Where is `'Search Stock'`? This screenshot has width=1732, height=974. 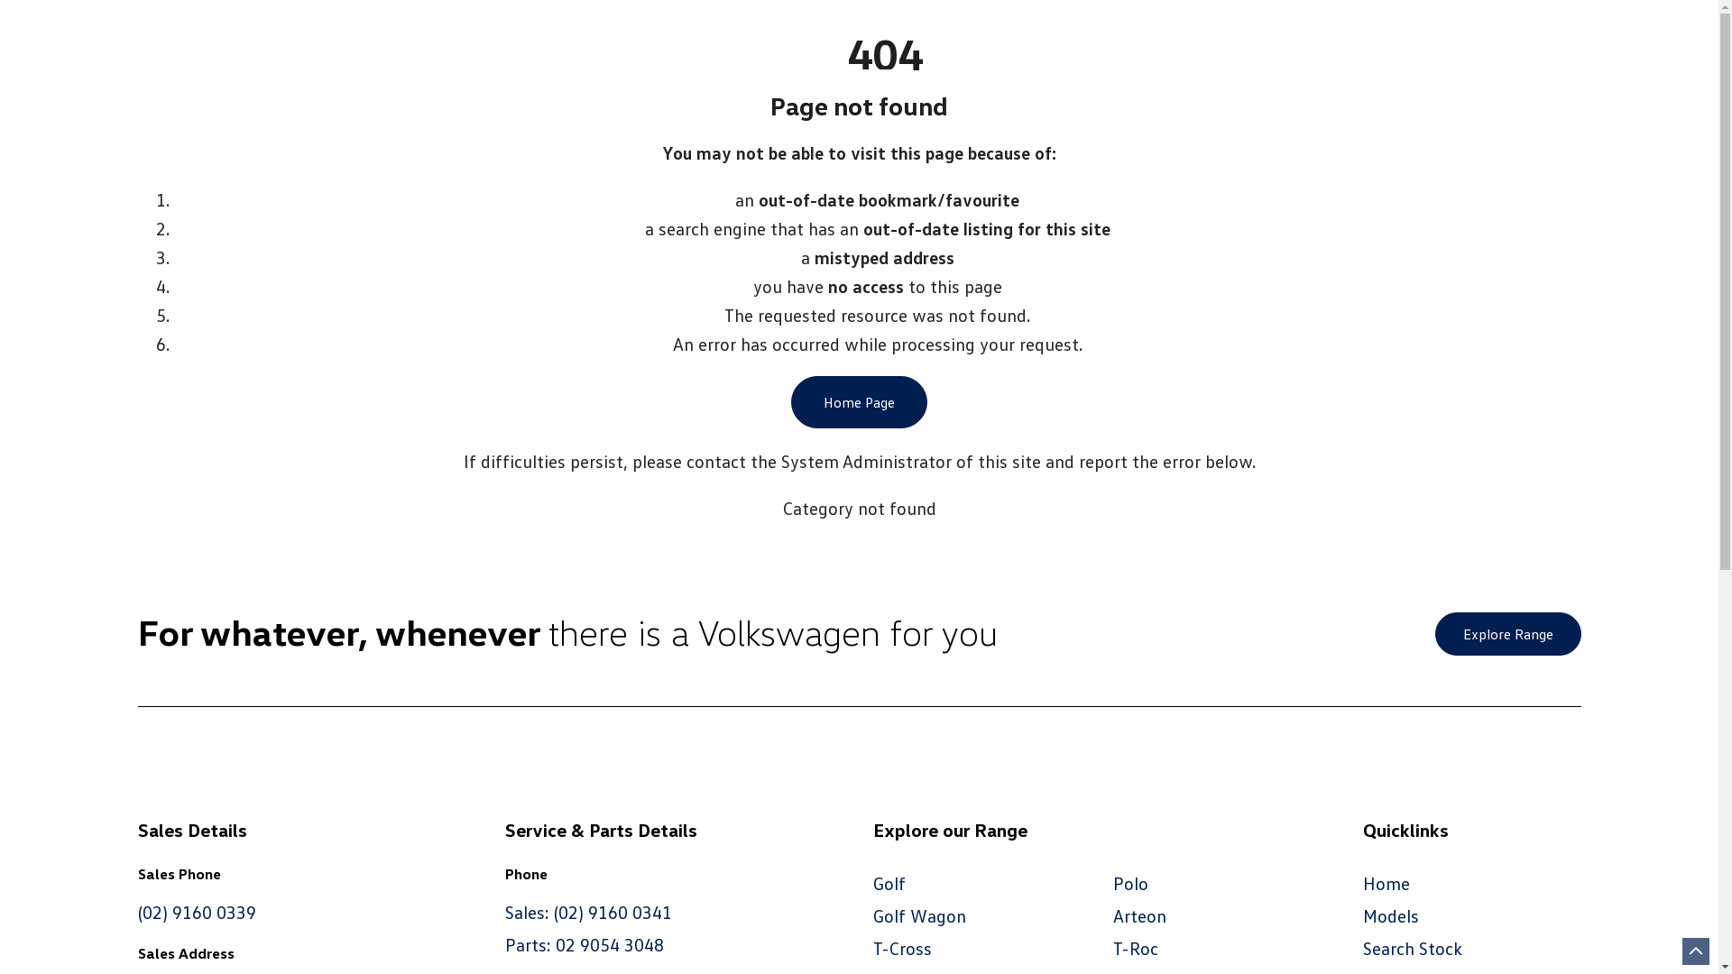
'Search Stock' is located at coordinates (1411, 946).